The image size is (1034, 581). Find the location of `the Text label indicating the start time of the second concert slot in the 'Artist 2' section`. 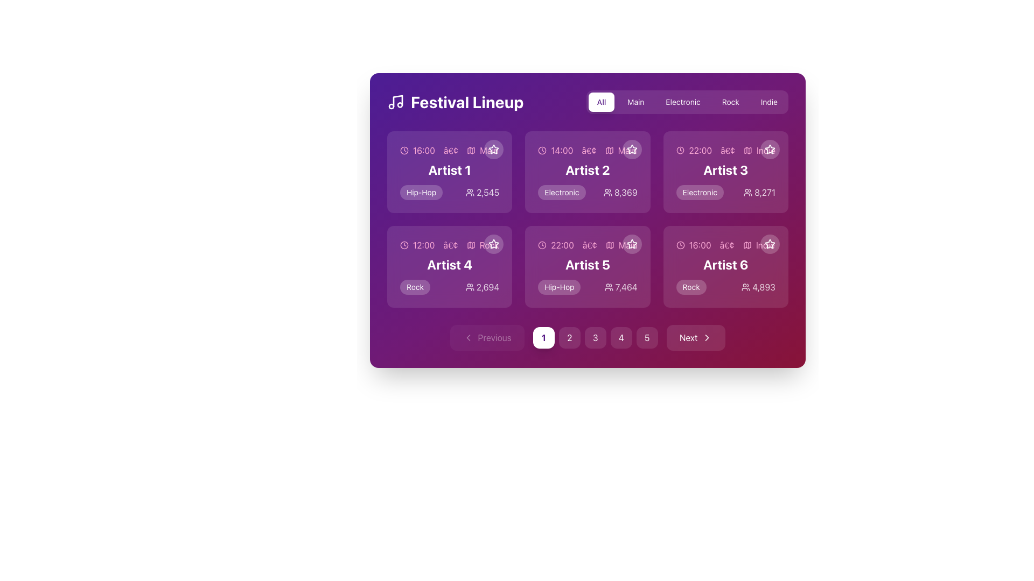

the Text label indicating the start time of the second concert slot in the 'Artist 2' section is located at coordinates (561, 151).